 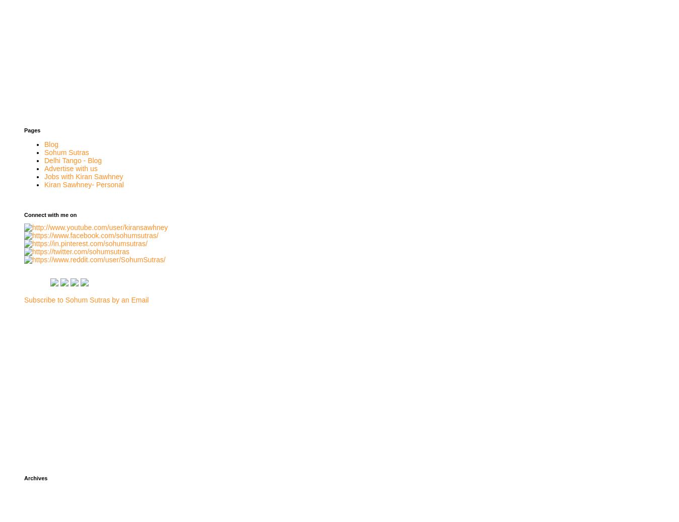 I want to click on 'Sohum Sutras', so click(x=65, y=151).